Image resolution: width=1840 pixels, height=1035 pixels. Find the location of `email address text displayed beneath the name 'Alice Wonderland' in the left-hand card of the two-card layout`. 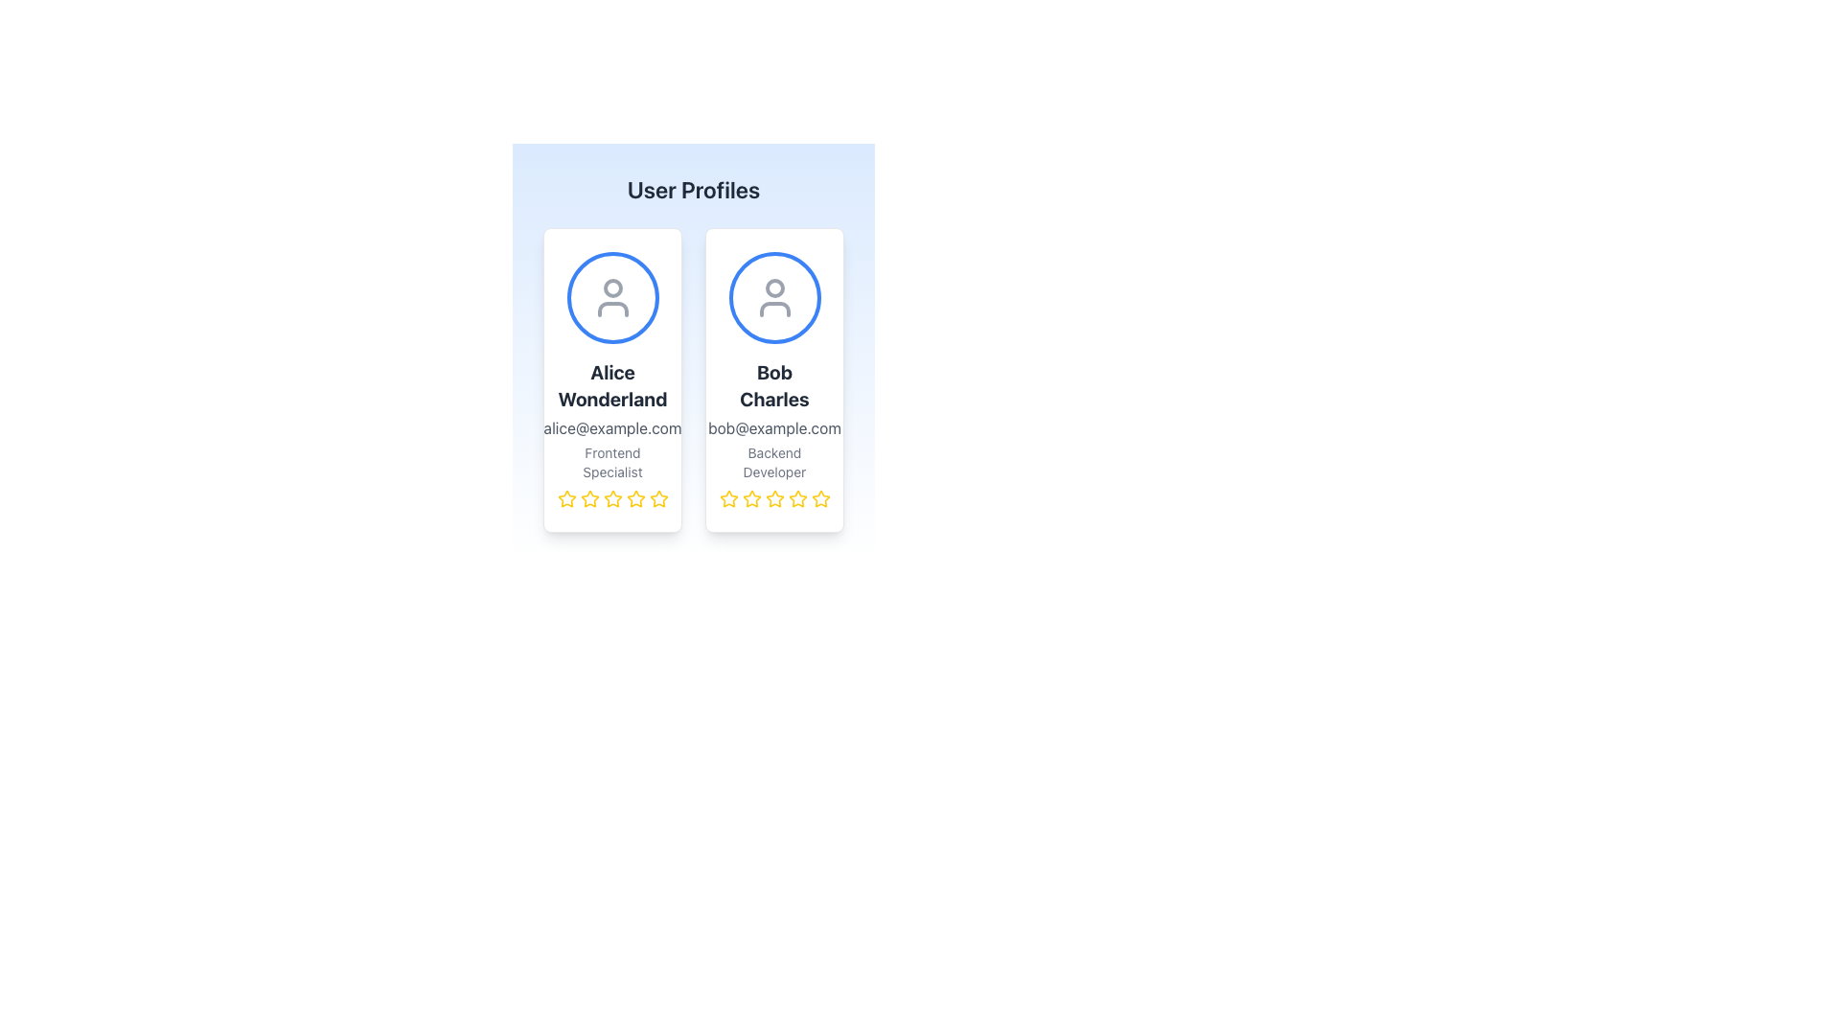

email address text displayed beneath the name 'Alice Wonderland' in the left-hand card of the two-card layout is located at coordinates (611, 427).